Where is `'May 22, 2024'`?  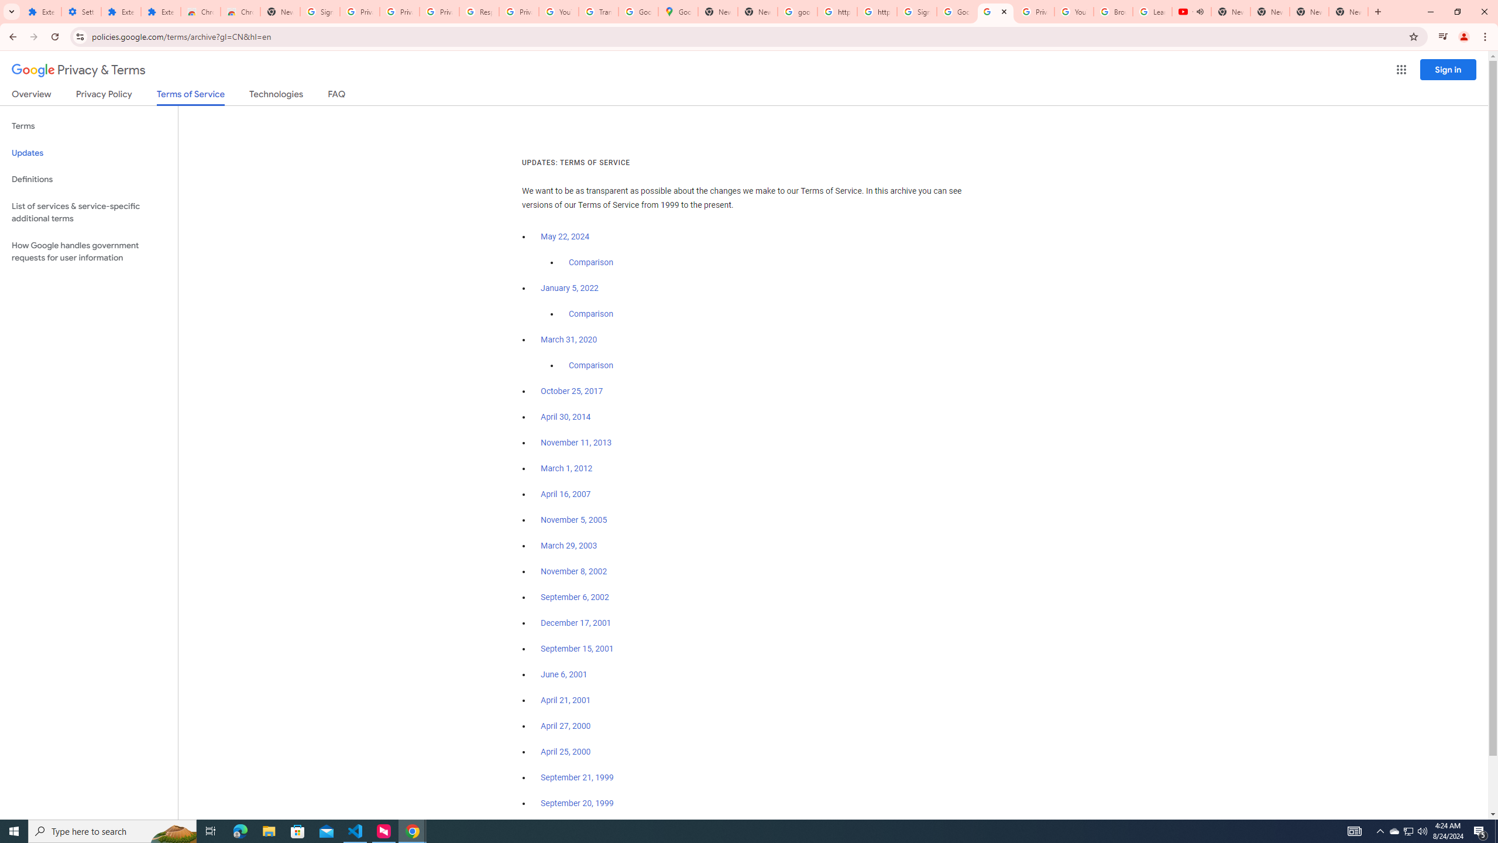 'May 22, 2024' is located at coordinates (565, 237).